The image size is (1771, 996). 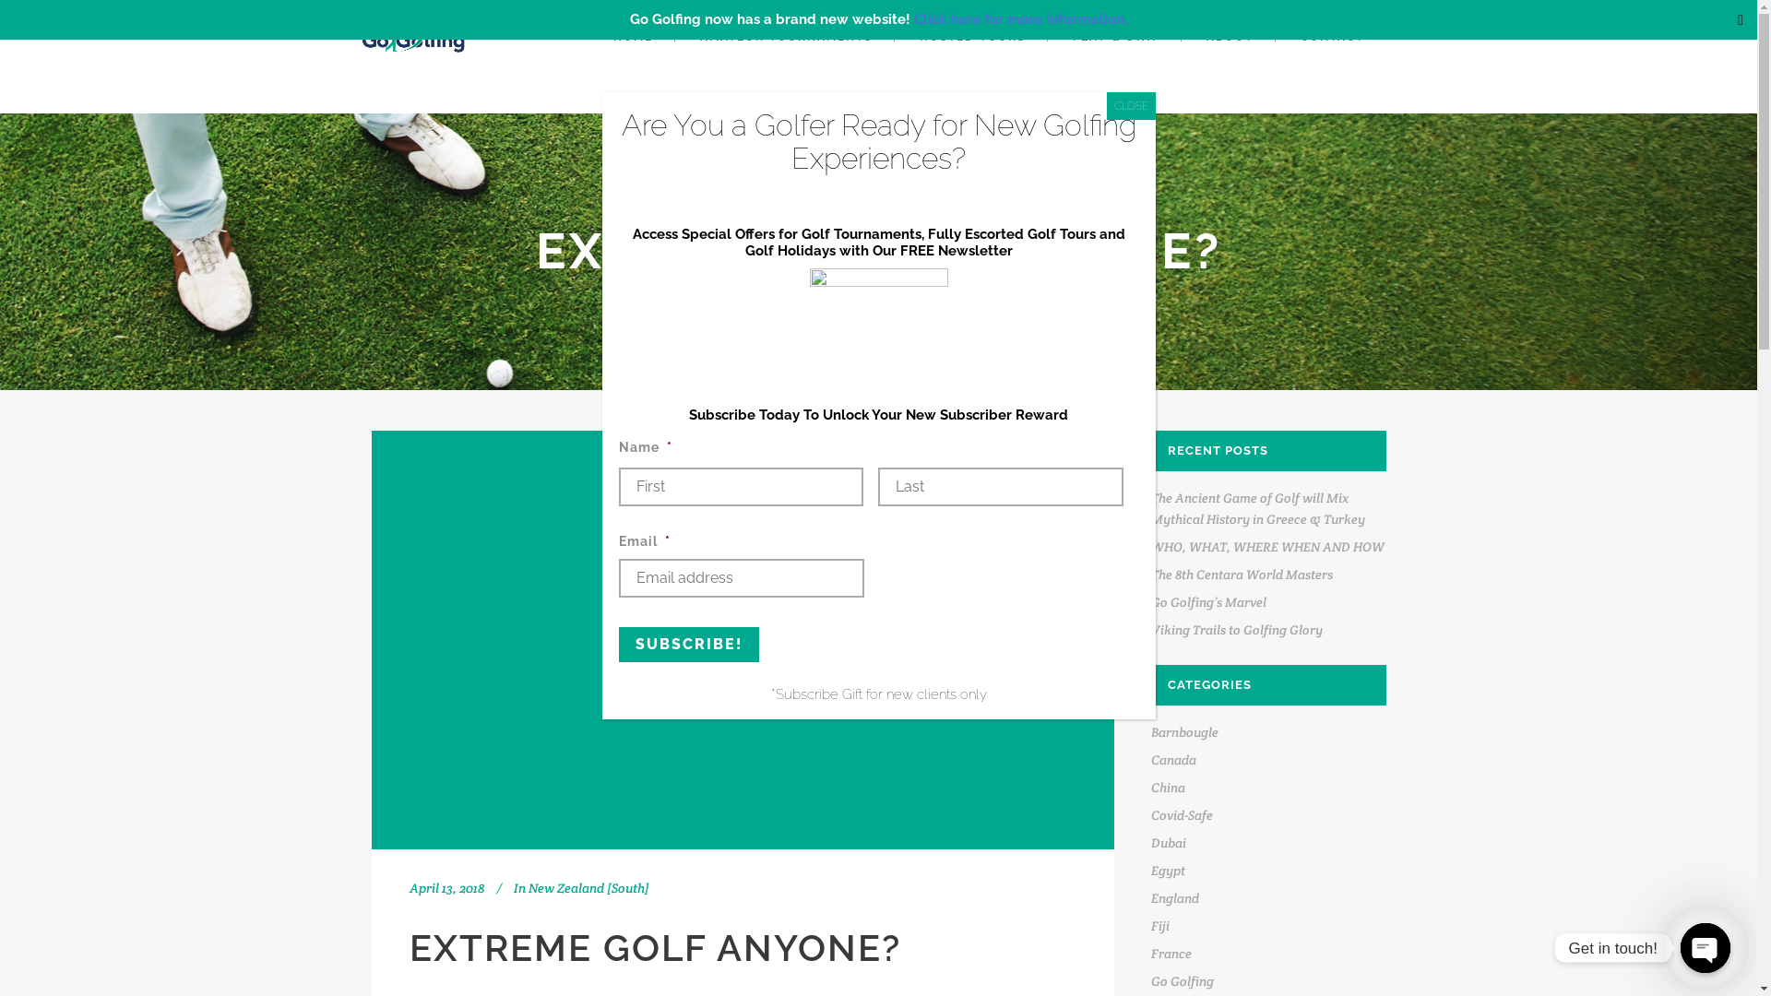 I want to click on 'Click here for more information.', so click(x=913, y=18).